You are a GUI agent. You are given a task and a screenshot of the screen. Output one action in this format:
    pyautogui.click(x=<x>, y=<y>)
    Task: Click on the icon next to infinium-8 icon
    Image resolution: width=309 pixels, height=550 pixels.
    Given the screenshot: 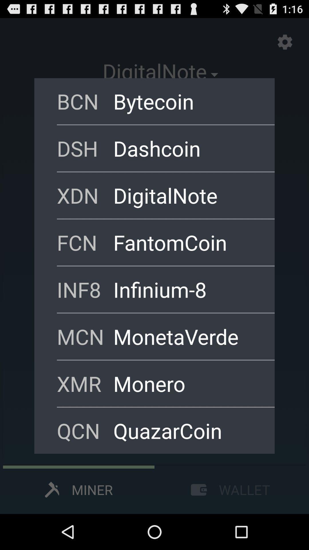 What is the action you would take?
    pyautogui.click(x=85, y=289)
    